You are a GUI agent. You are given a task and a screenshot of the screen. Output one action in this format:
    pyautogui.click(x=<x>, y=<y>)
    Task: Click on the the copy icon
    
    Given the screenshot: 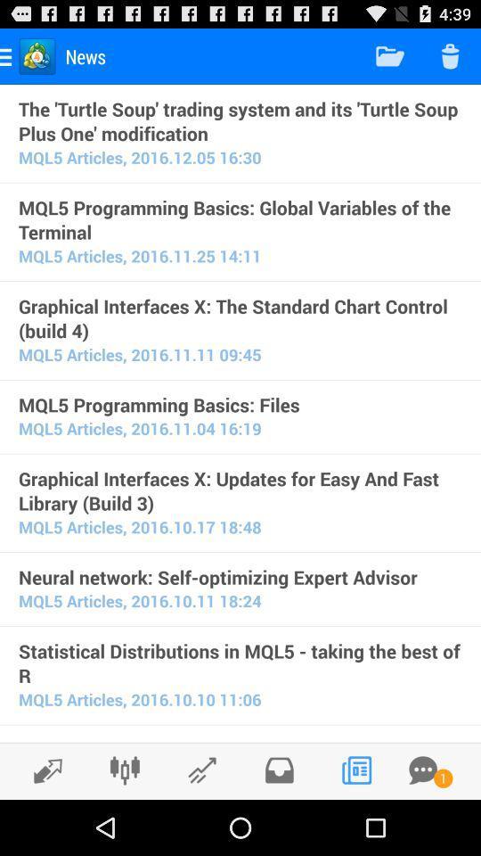 What is the action you would take?
    pyautogui.click(x=356, y=824)
    